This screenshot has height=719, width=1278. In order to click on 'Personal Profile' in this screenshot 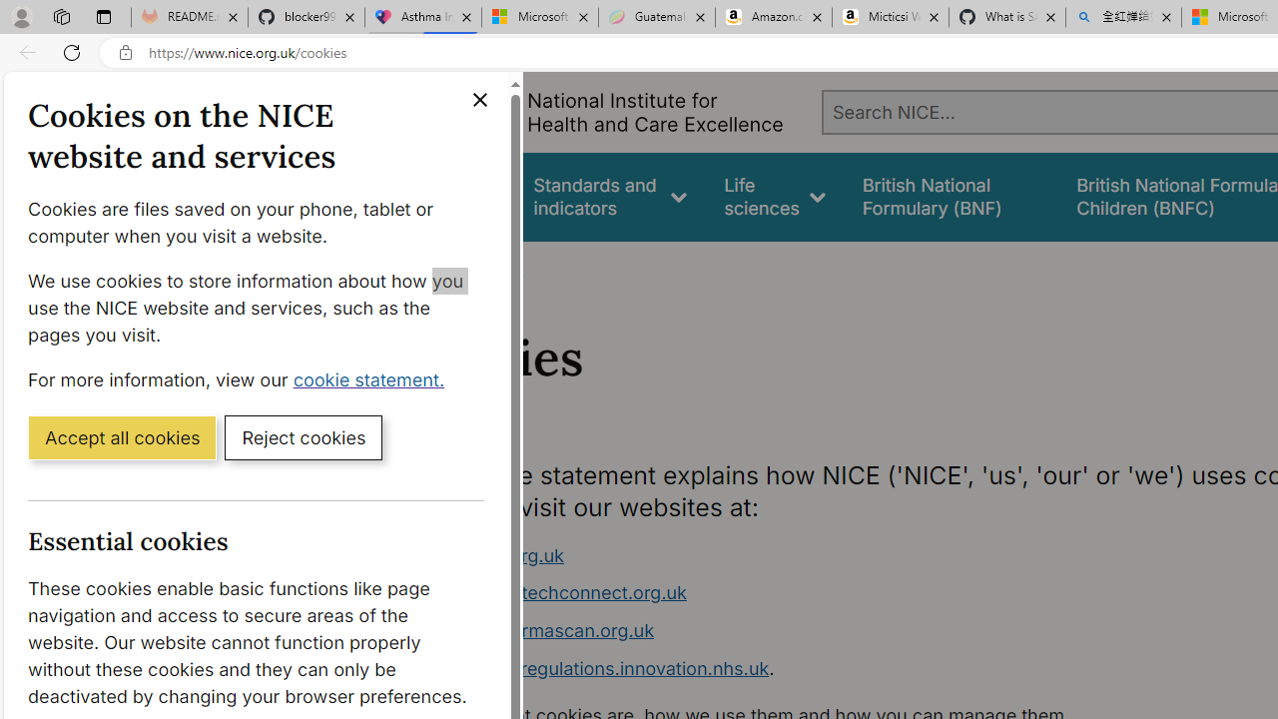, I will do `click(21, 16)`.